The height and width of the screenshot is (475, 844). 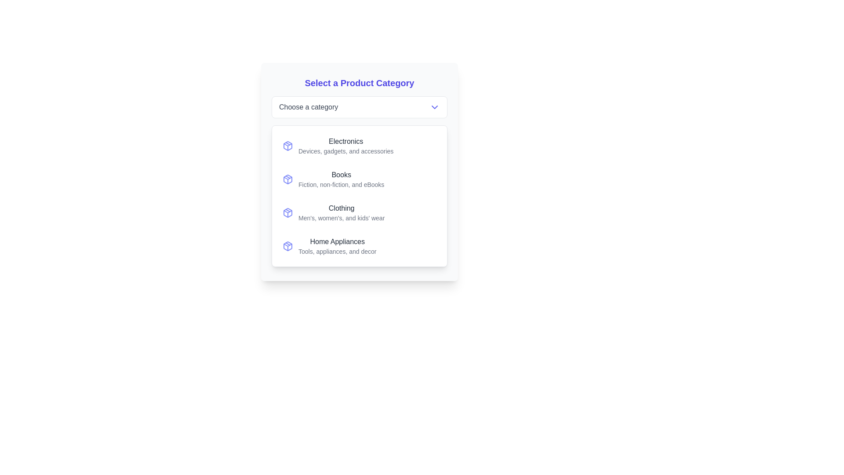 What do you see at coordinates (337, 251) in the screenshot?
I see `text content of the gray-colored Text label that reads 'Tools, appliances, and decor', located below 'Home Appliances' in the product category selection panel` at bounding box center [337, 251].